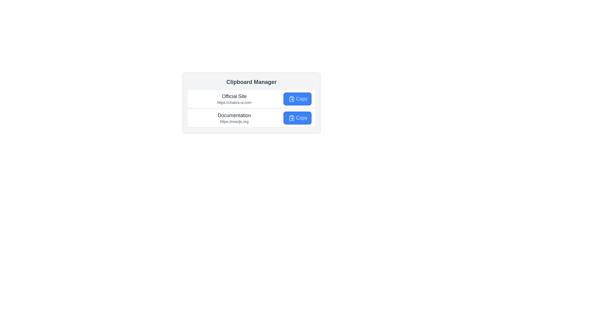 The width and height of the screenshot is (591, 332). I want to click on the clipboard icon with a blue filled background and white outline associated with the 'Copy' button in the 'Clipboard Manager' interface for informational purposes, so click(291, 98).